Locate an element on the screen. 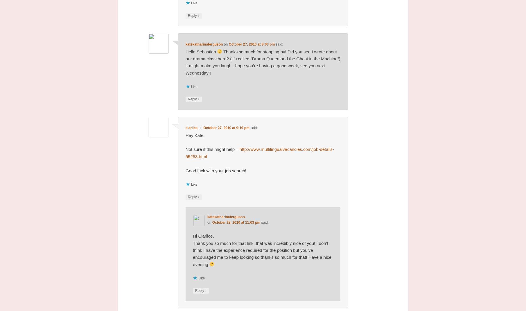 This screenshot has height=311, width=526. 'Hi Clariice,' is located at coordinates (203, 236).